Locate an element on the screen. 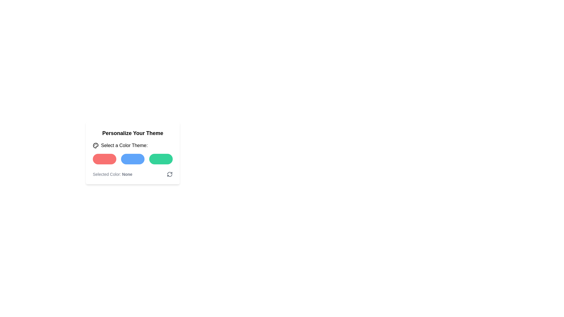 The image size is (564, 317). text displayed in the small text label that shows 'None', which is part of the larger text component 'Selected Color: None' in the card-like UI labeled 'Personalize Your Theme' is located at coordinates (127, 174).